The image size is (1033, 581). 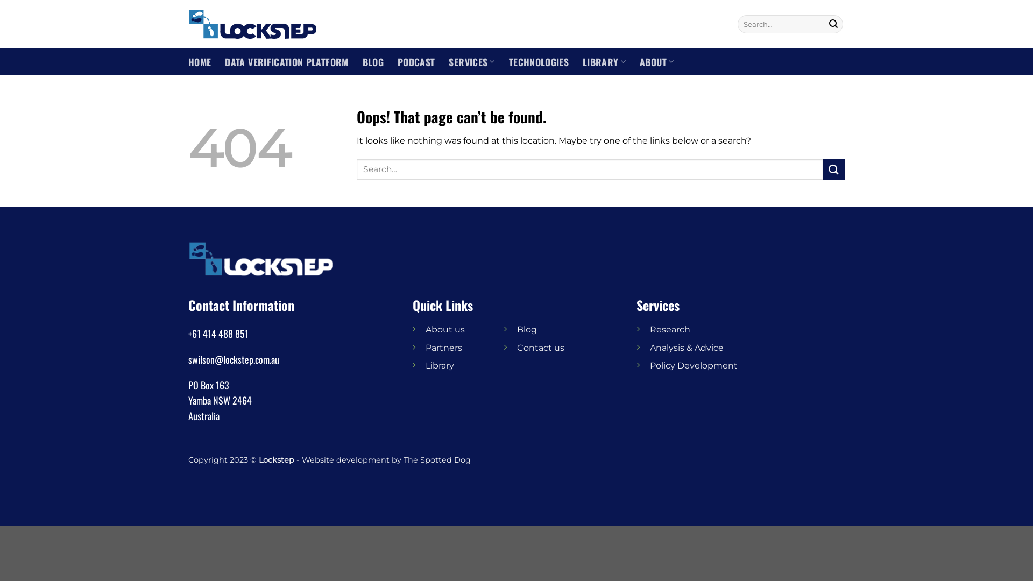 I want to click on 'BLOG', so click(x=373, y=62).